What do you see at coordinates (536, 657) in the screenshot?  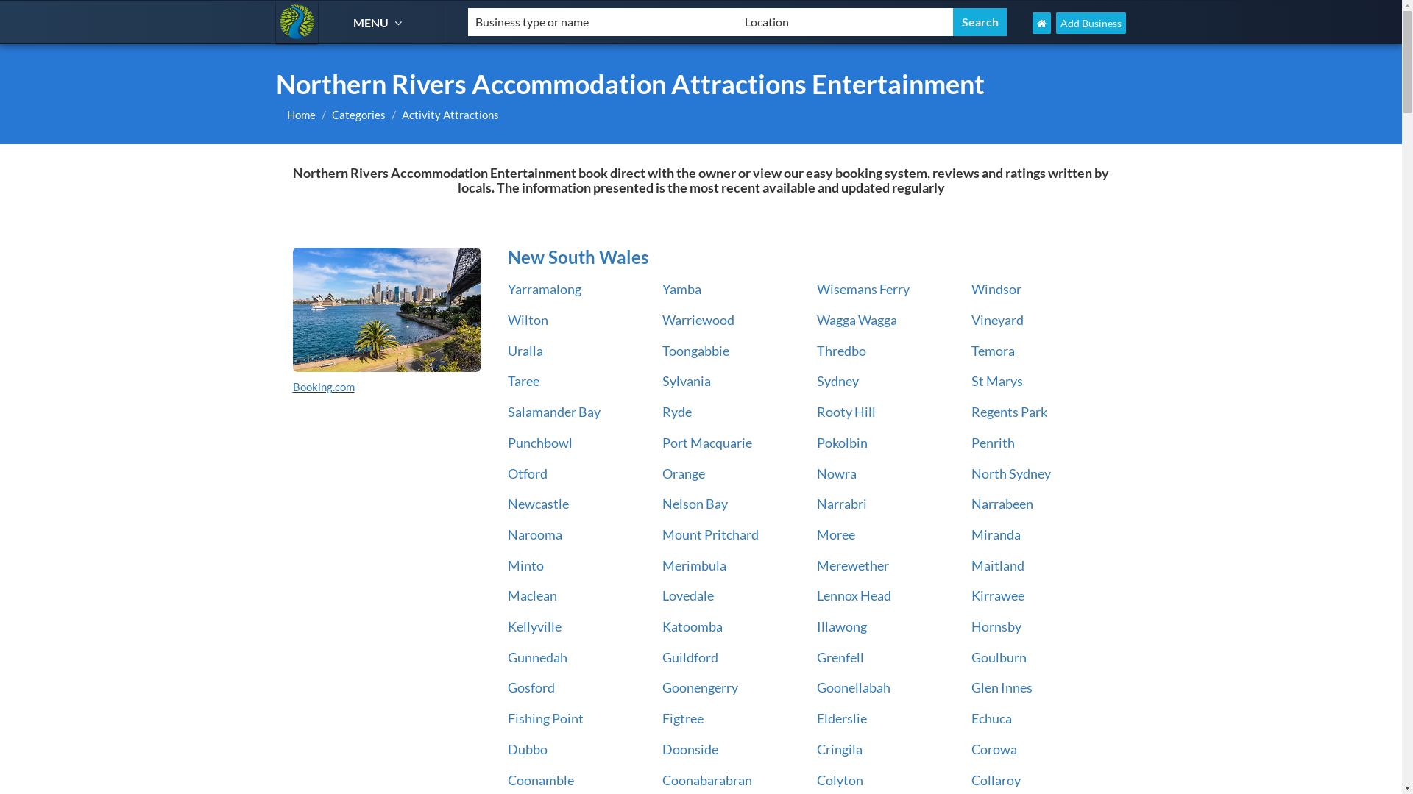 I see `'Gunnedah'` at bounding box center [536, 657].